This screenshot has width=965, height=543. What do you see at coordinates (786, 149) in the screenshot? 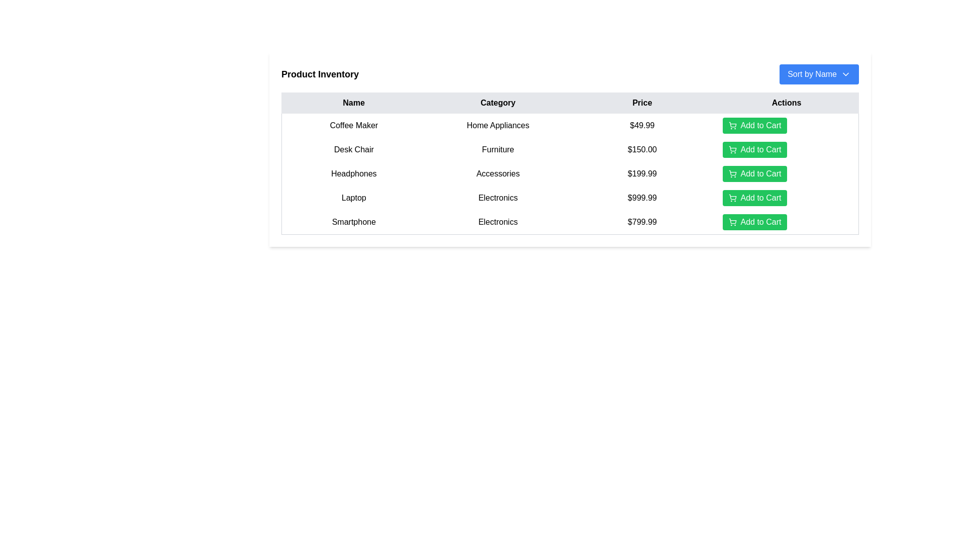
I see `the green 'Add to Cart' button with a shopping cart icon located in the second row, fourth column of the table under the 'Actions' header` at bounding box center [786, 149].